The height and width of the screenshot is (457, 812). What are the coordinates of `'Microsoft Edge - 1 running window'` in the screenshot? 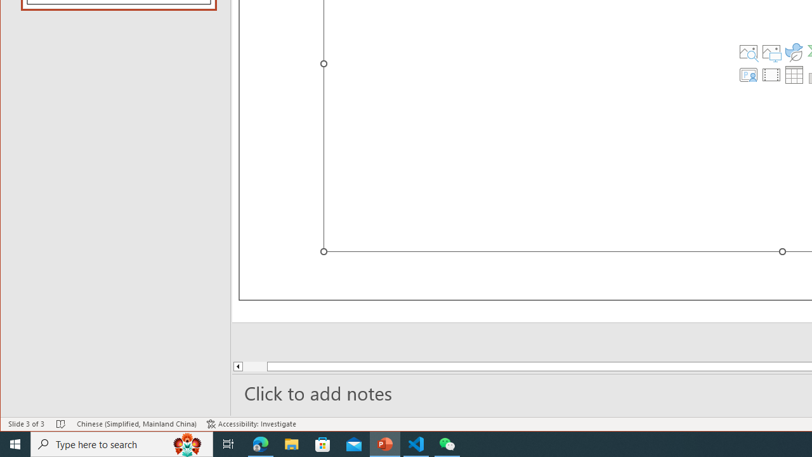 It's located at (260, 443).